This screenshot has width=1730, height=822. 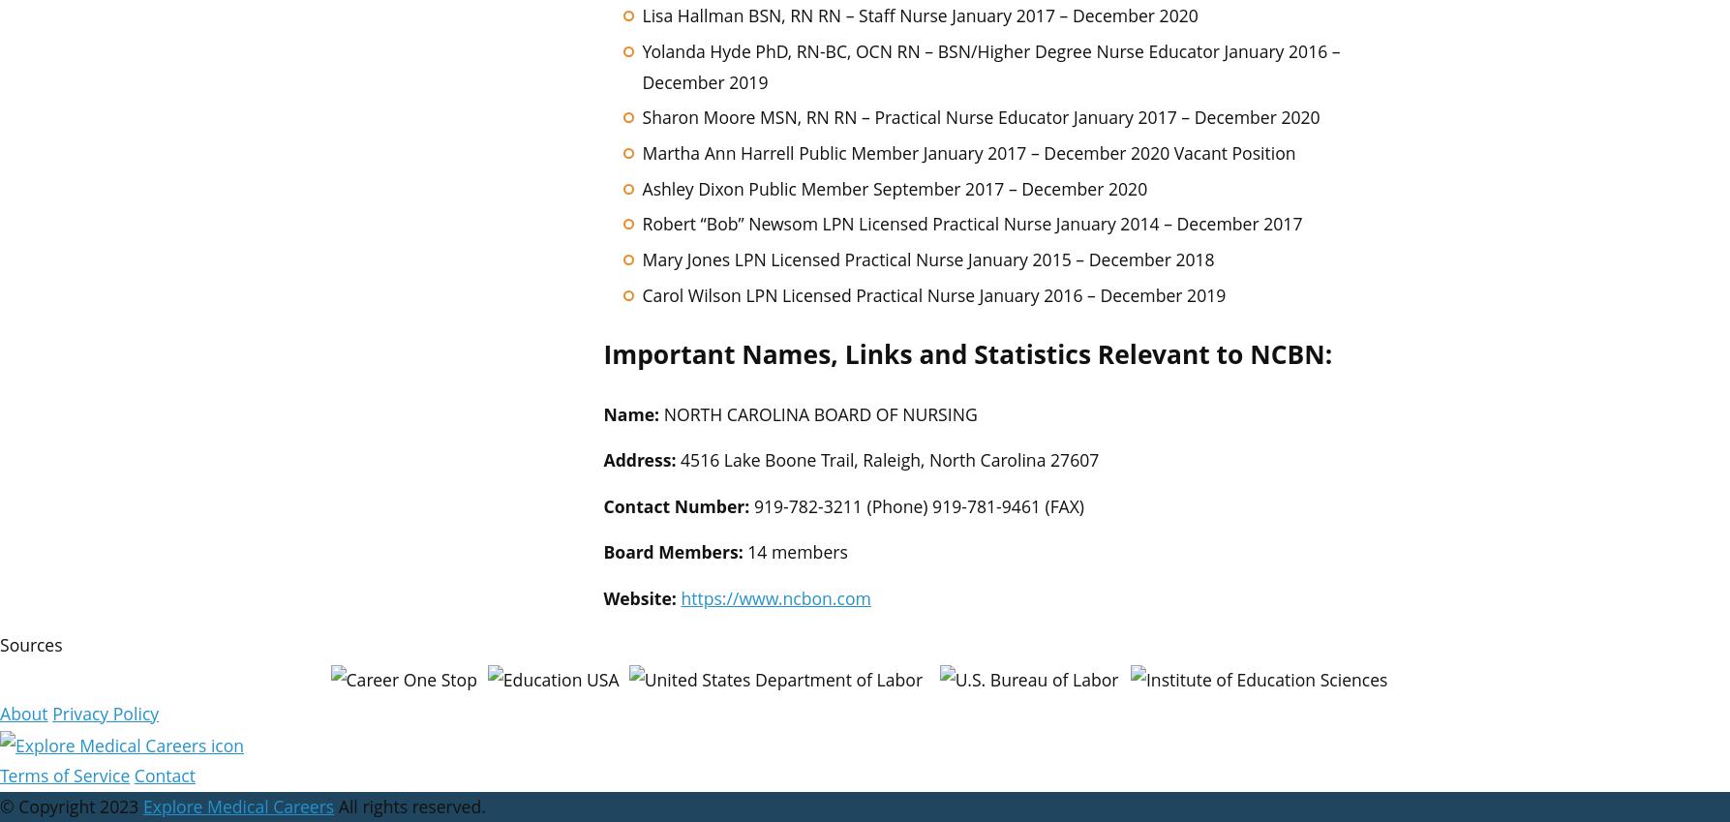 What do you see at coordinates (409, 807) in the screenshot?
I see `'All rights reserved.'` at bounding box center [409, 807].